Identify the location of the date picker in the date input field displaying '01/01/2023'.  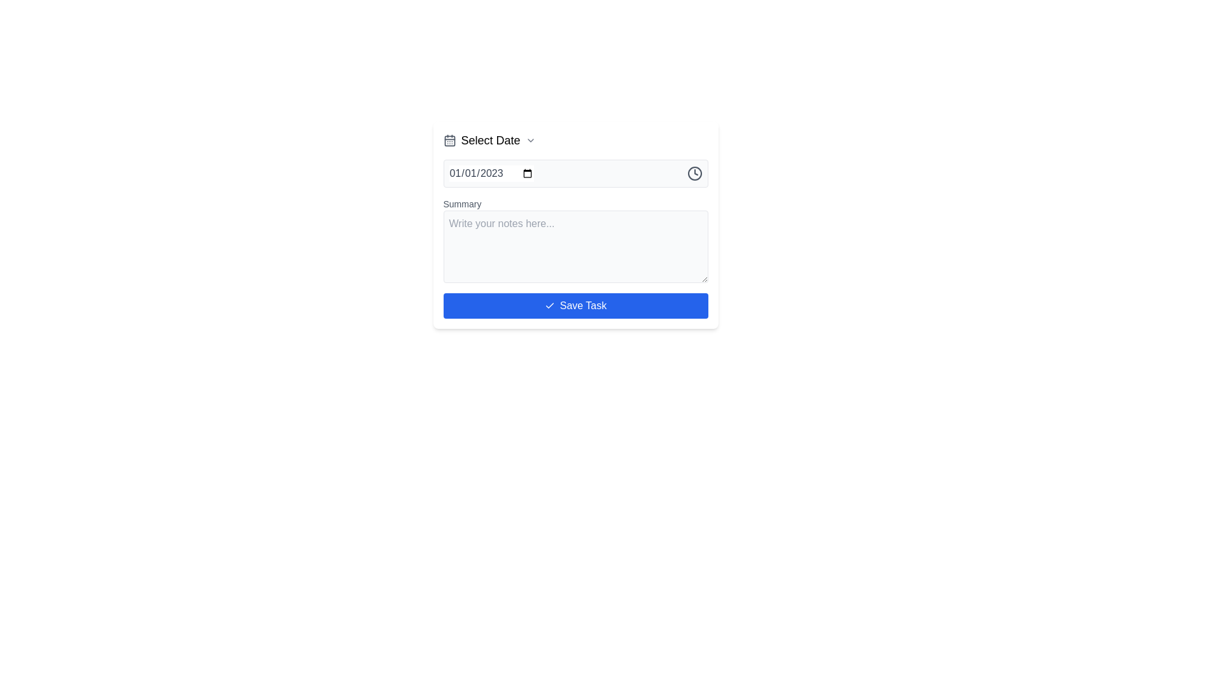
(491, 174).